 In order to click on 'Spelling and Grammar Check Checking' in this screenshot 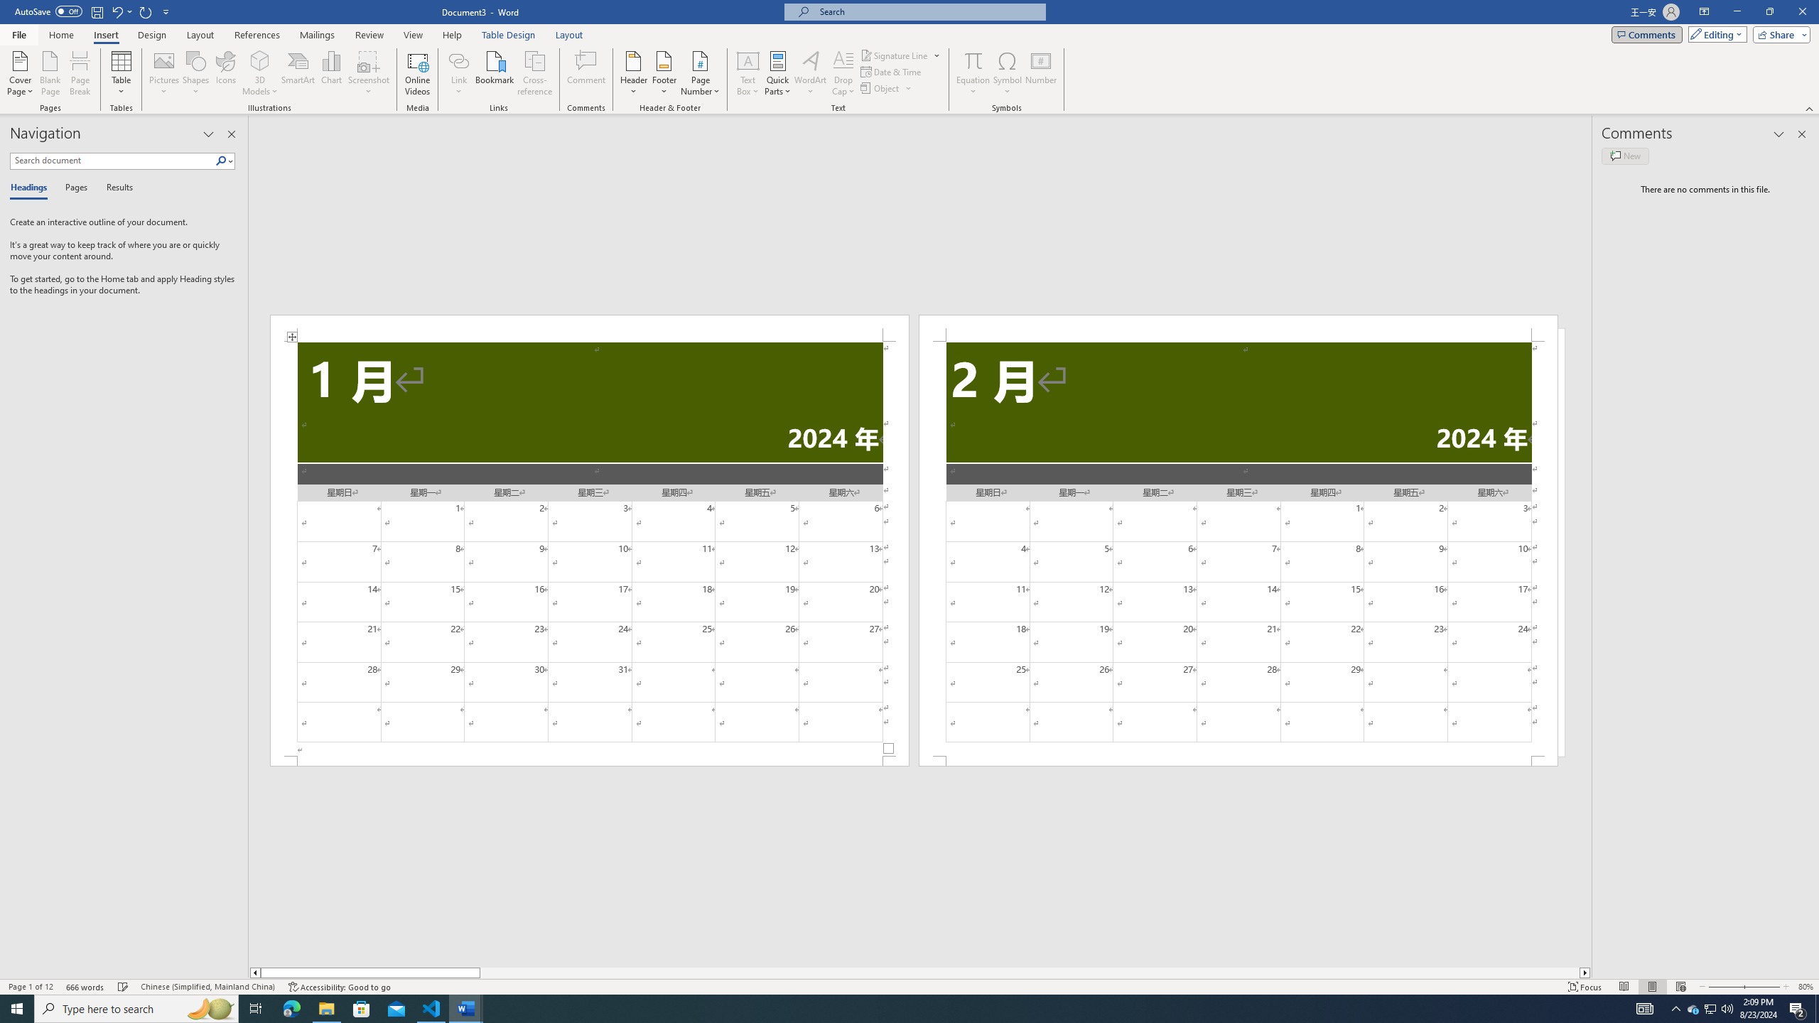, I will do `click(124, 987)`.